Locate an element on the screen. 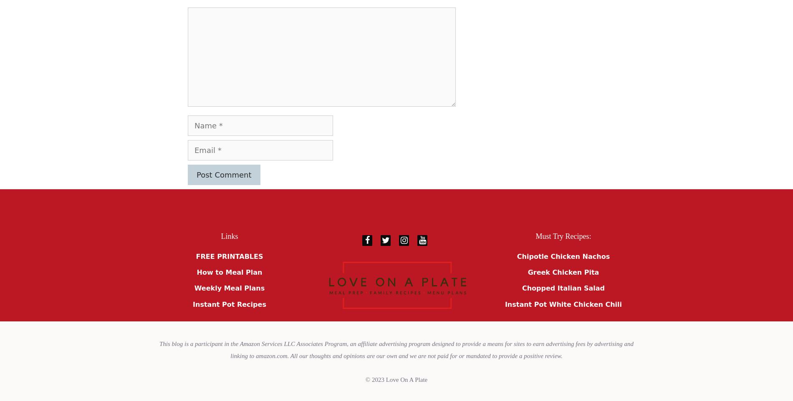  'Greek Chicken Pita' is located at coordinates (527, 272).